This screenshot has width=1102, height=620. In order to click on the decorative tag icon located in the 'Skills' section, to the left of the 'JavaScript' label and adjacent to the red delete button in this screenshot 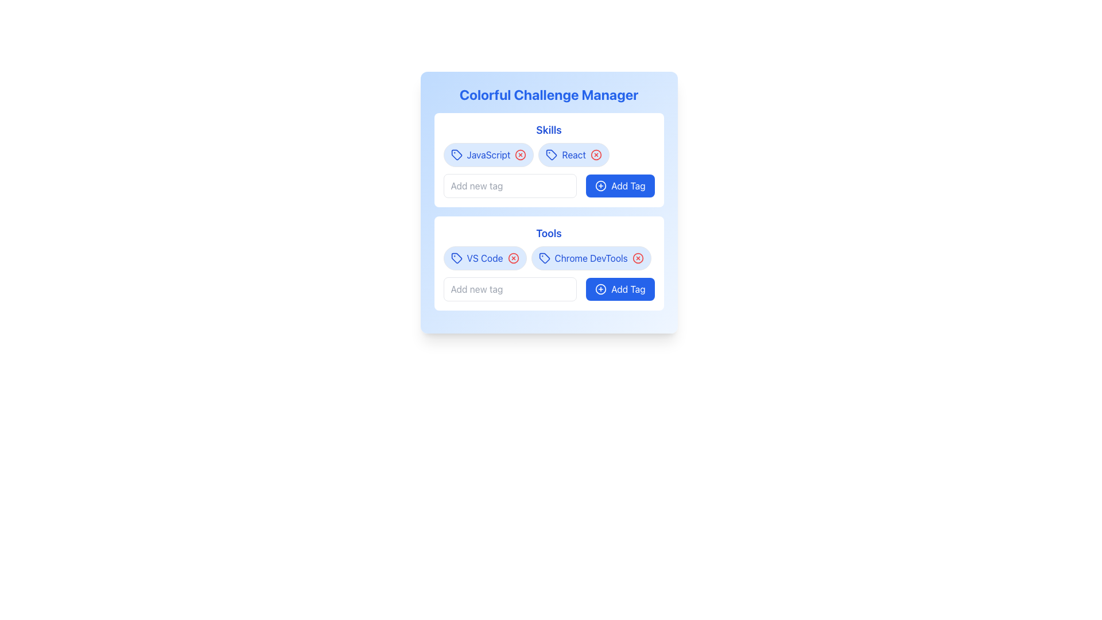, I will do `click(456, 155)`.